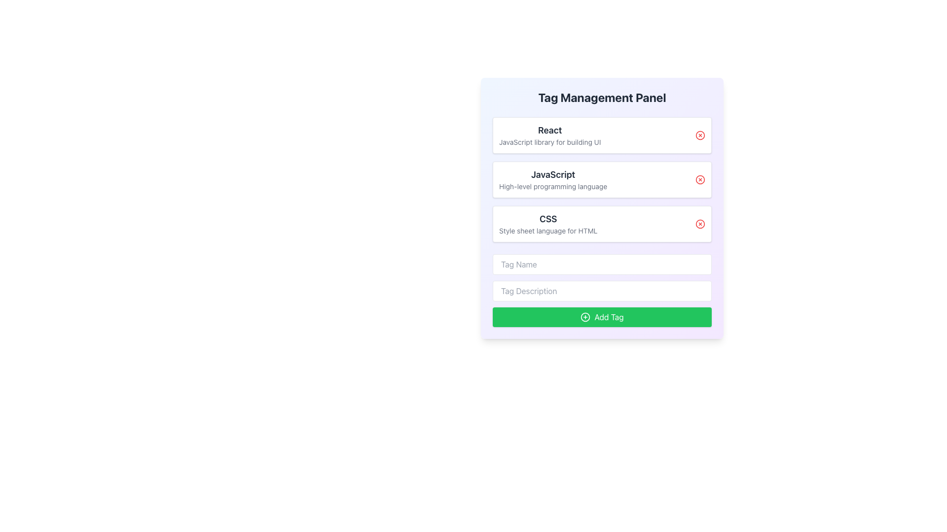 This screenshot has width=947, height=532. What do you see at coordinates (553, 186) in the screenshot?
I see `the text label that reads 'High-level programming language', which is positioned below the bold text 'JavaScript' in the 'Tag Management Panel'` at bounding box center [553, 186].